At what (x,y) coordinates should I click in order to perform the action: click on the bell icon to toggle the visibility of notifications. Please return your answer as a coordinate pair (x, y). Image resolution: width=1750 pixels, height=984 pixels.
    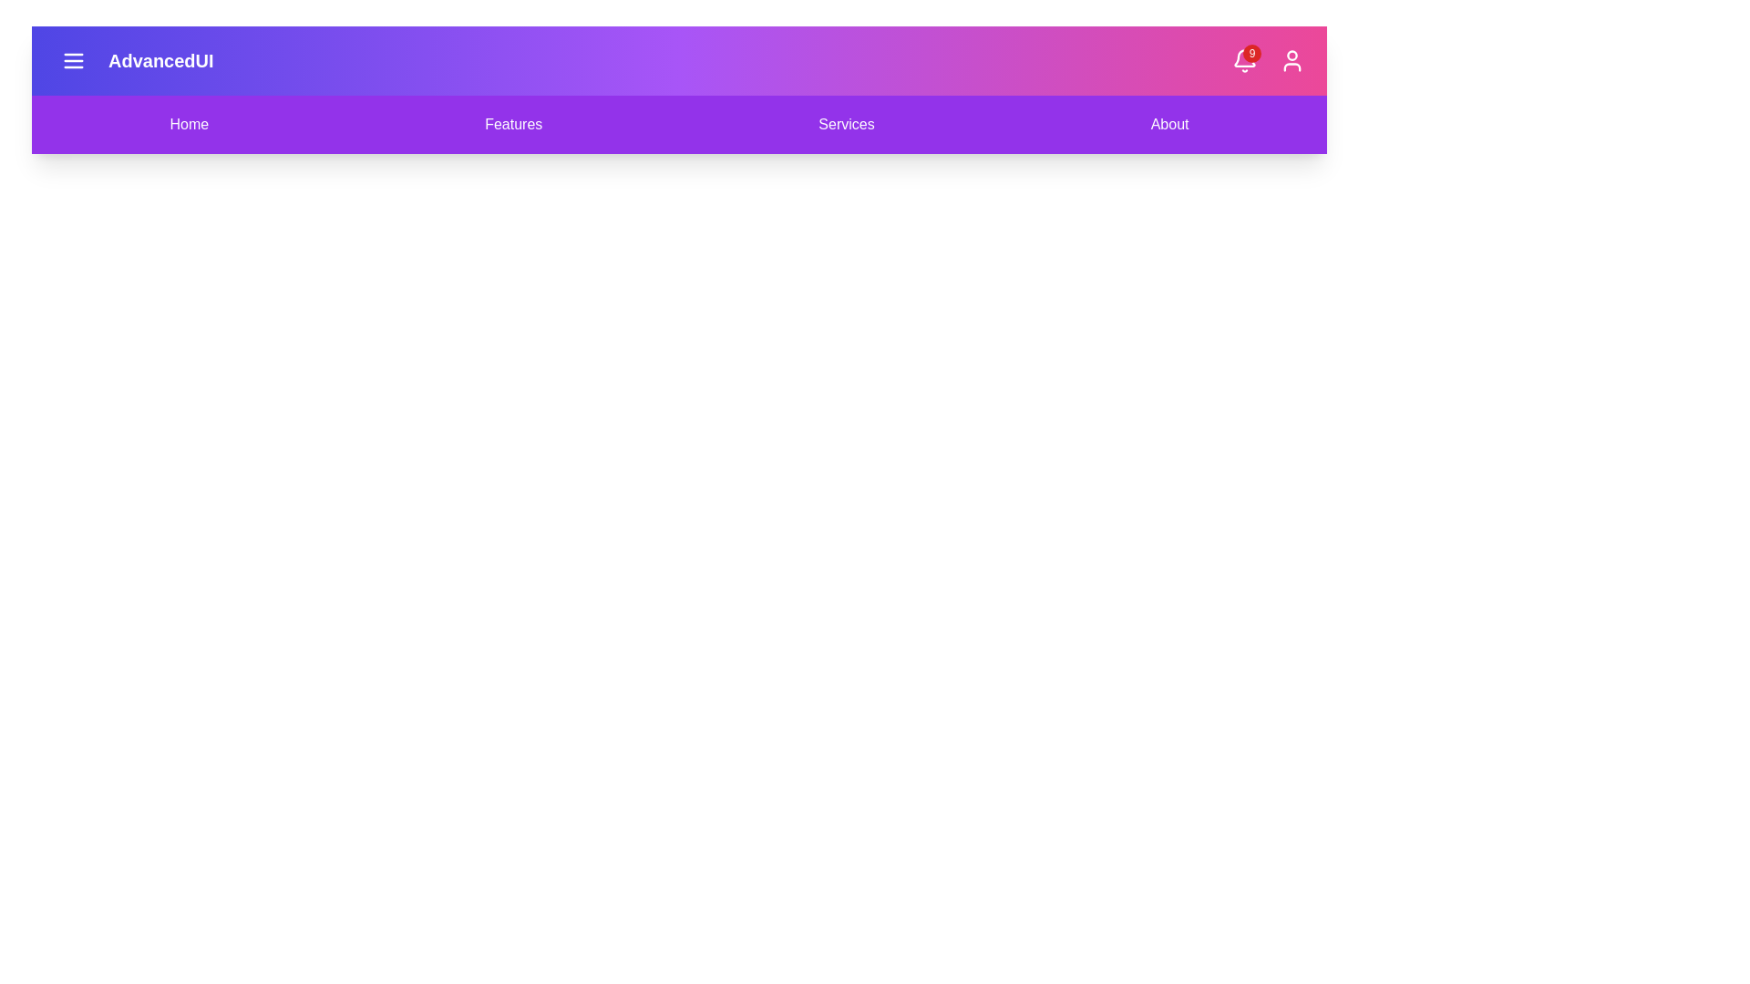
    Looking at the image, I should click on (1244, 59).